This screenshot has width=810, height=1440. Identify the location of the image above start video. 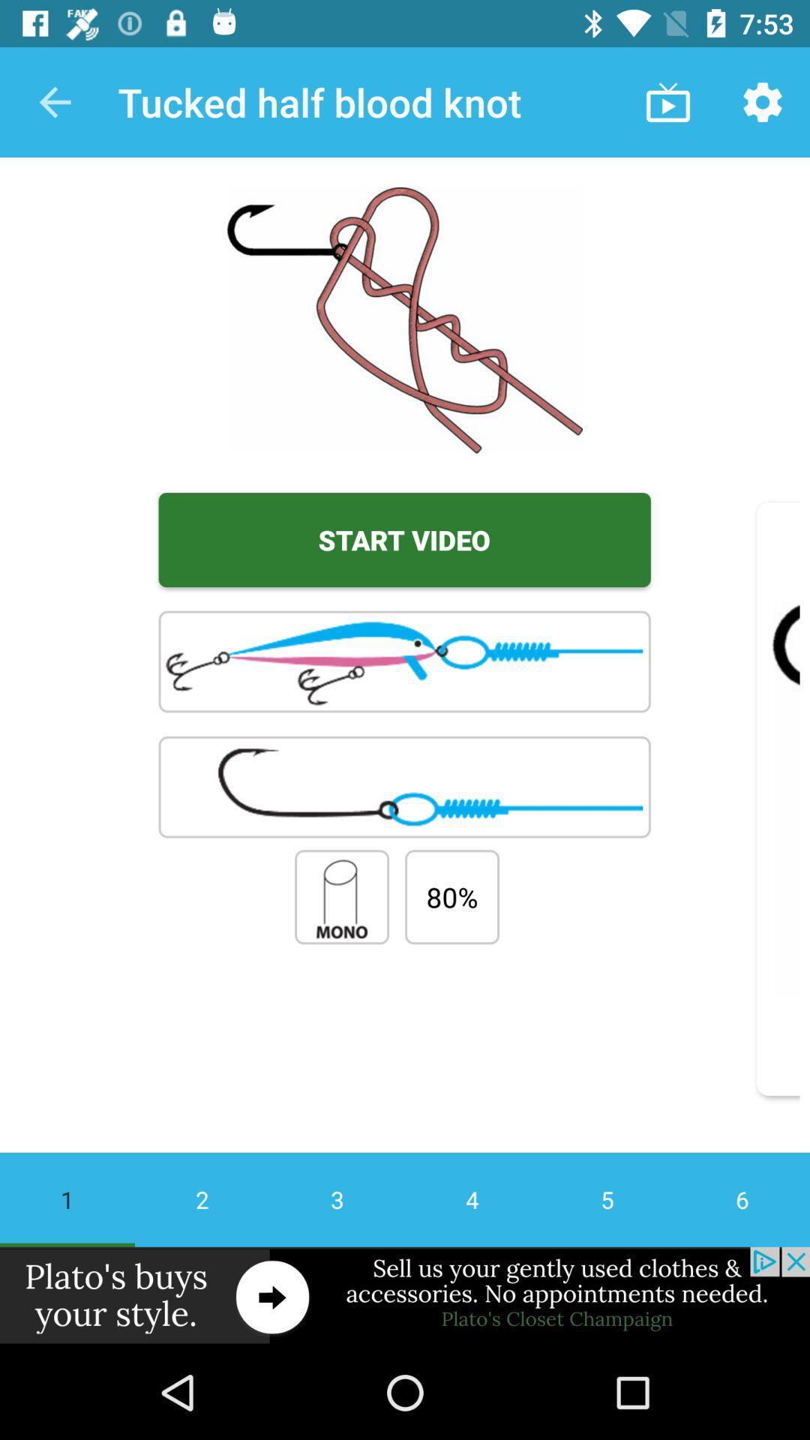
(405, 319).